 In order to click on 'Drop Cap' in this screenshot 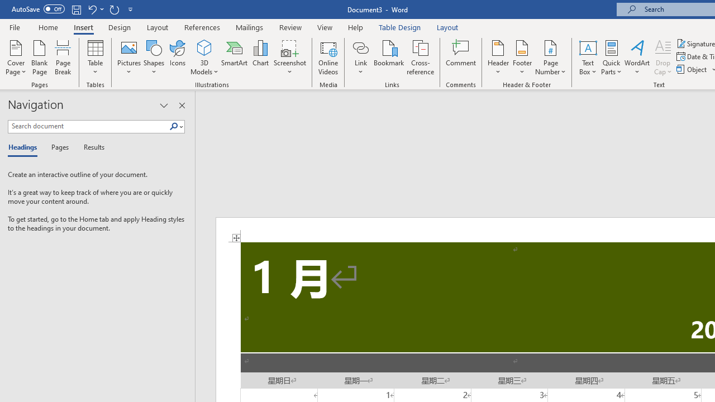, I will do `click(663, 58)`.